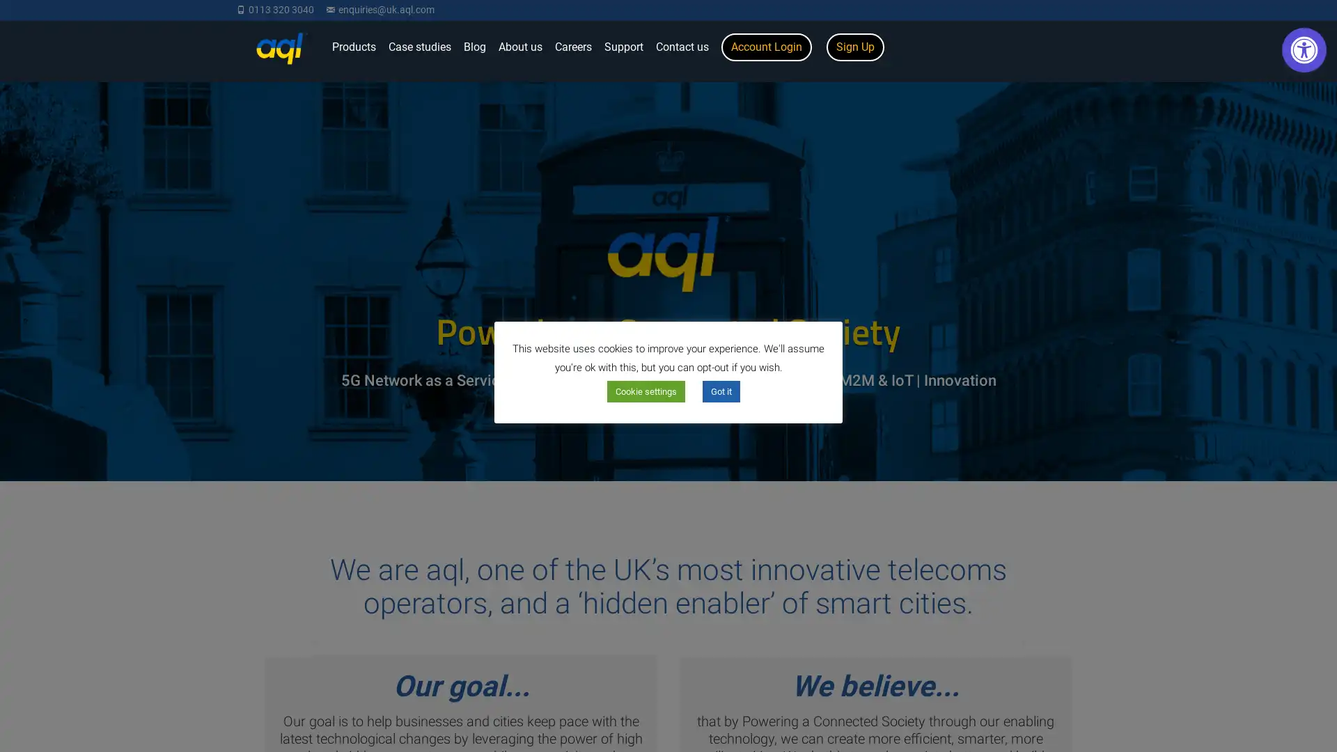 The image size is (1337, 752). What do you see at coordinates (1303, 49) in the screenshot?
I see `Accessibility Options` at bounding box center [1303, 49].